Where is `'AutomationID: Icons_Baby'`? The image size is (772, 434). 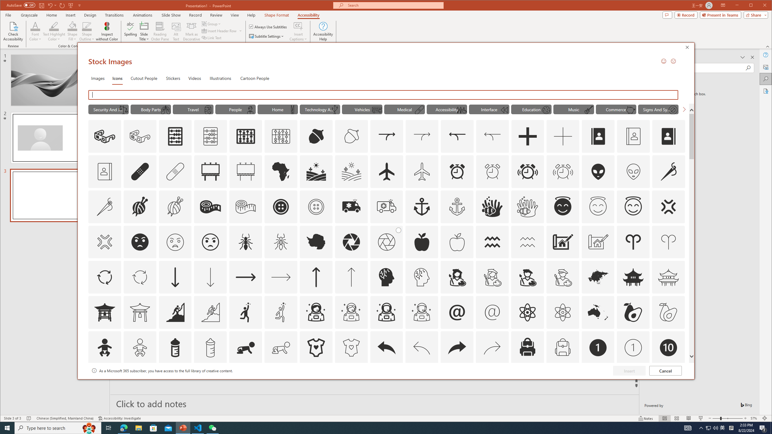 'AutomationID: Icons_Baby' is located at coordinates (104, 347).